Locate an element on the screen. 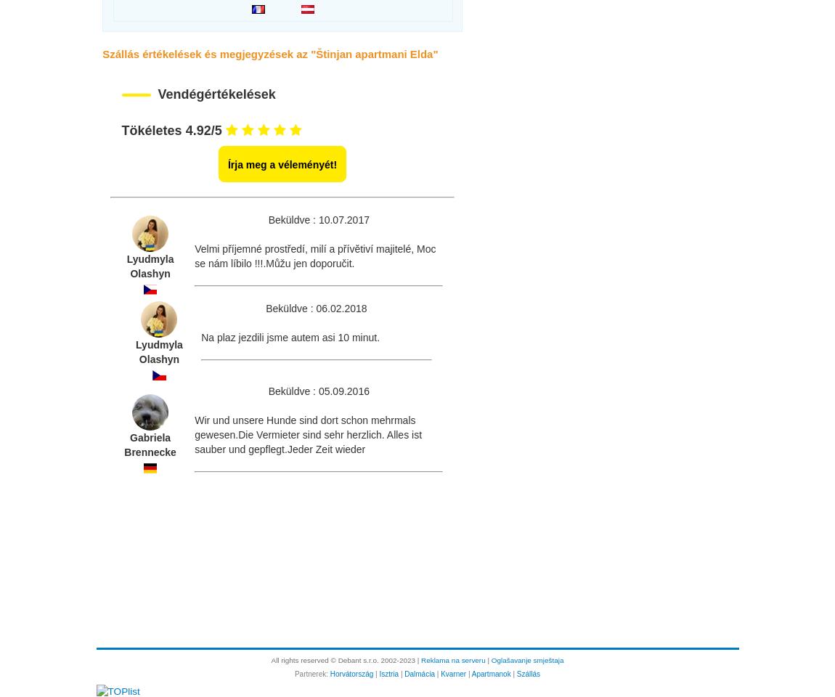  'Kapcsolatfelvétel' is located at coordinates (112, 602).